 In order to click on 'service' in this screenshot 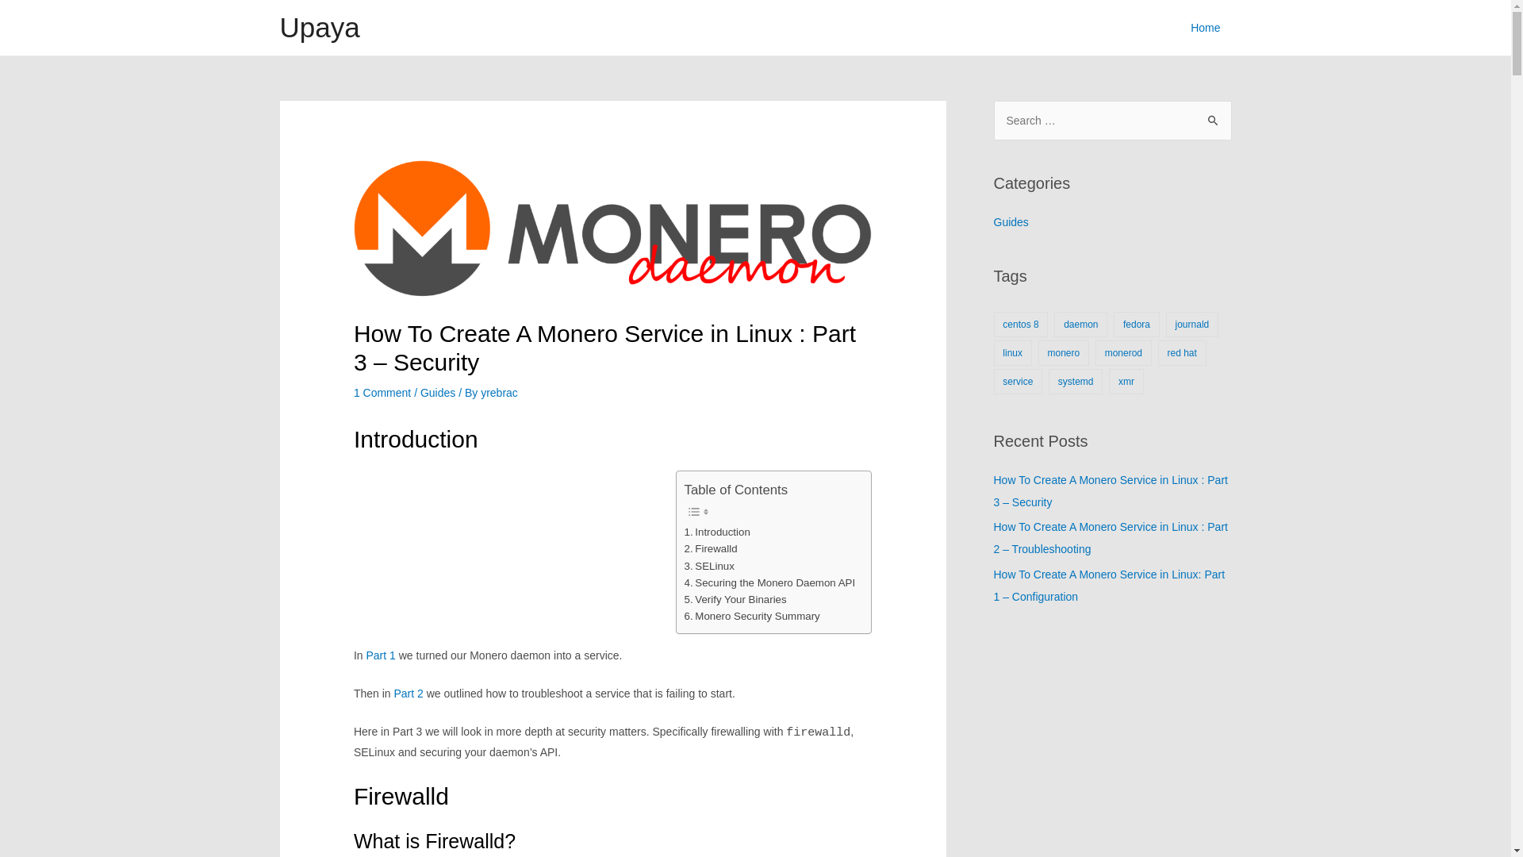, I will do `click(1017, 382)`.